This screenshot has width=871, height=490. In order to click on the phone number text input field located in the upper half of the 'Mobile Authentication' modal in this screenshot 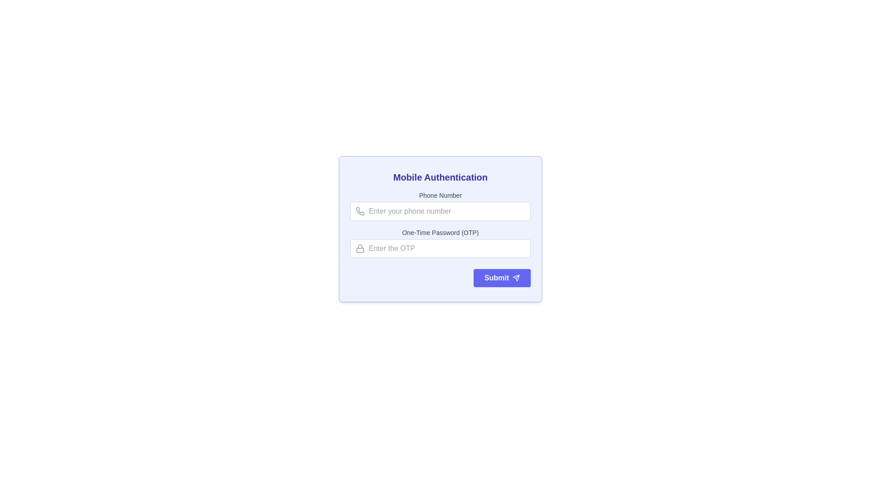, I will do `click(440, 211)`.